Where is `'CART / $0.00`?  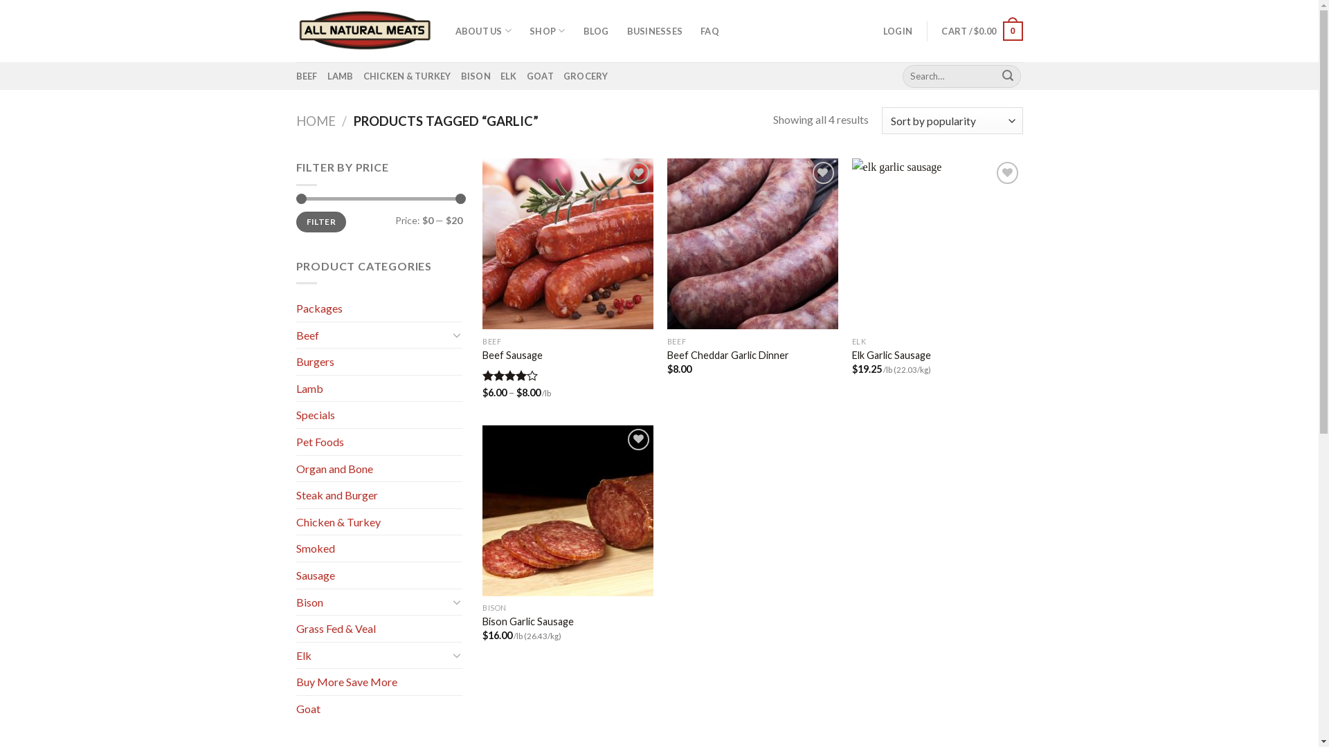
'CART / $0.00 is located at coordinates (981, 31).